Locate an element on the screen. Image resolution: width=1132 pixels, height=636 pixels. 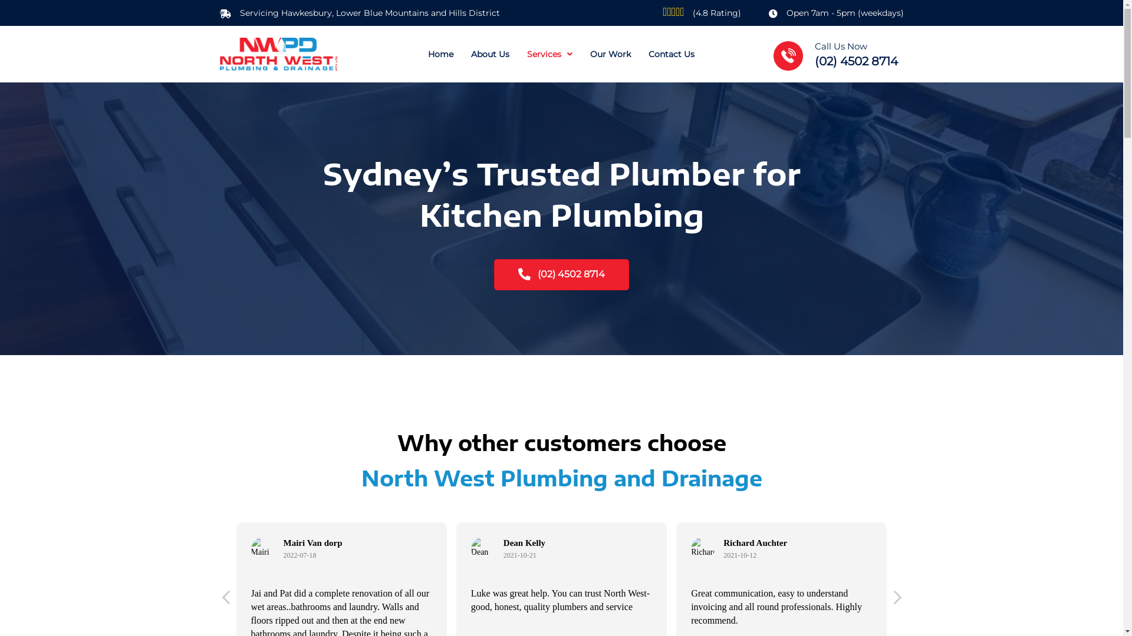
'logo' is located at coordinates (277, 54).